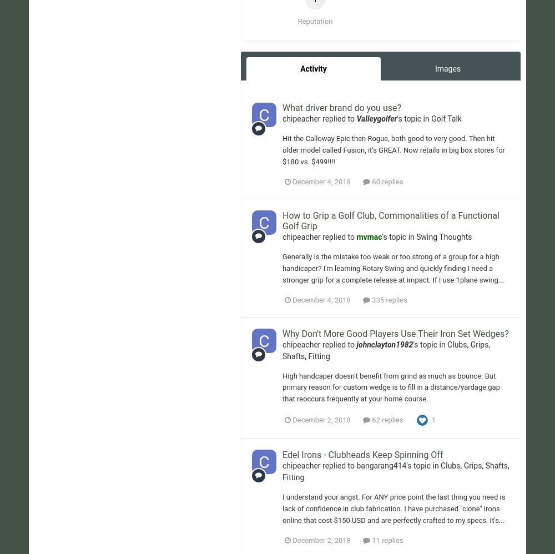  I want to click on '510 replies', so click(392, 64).